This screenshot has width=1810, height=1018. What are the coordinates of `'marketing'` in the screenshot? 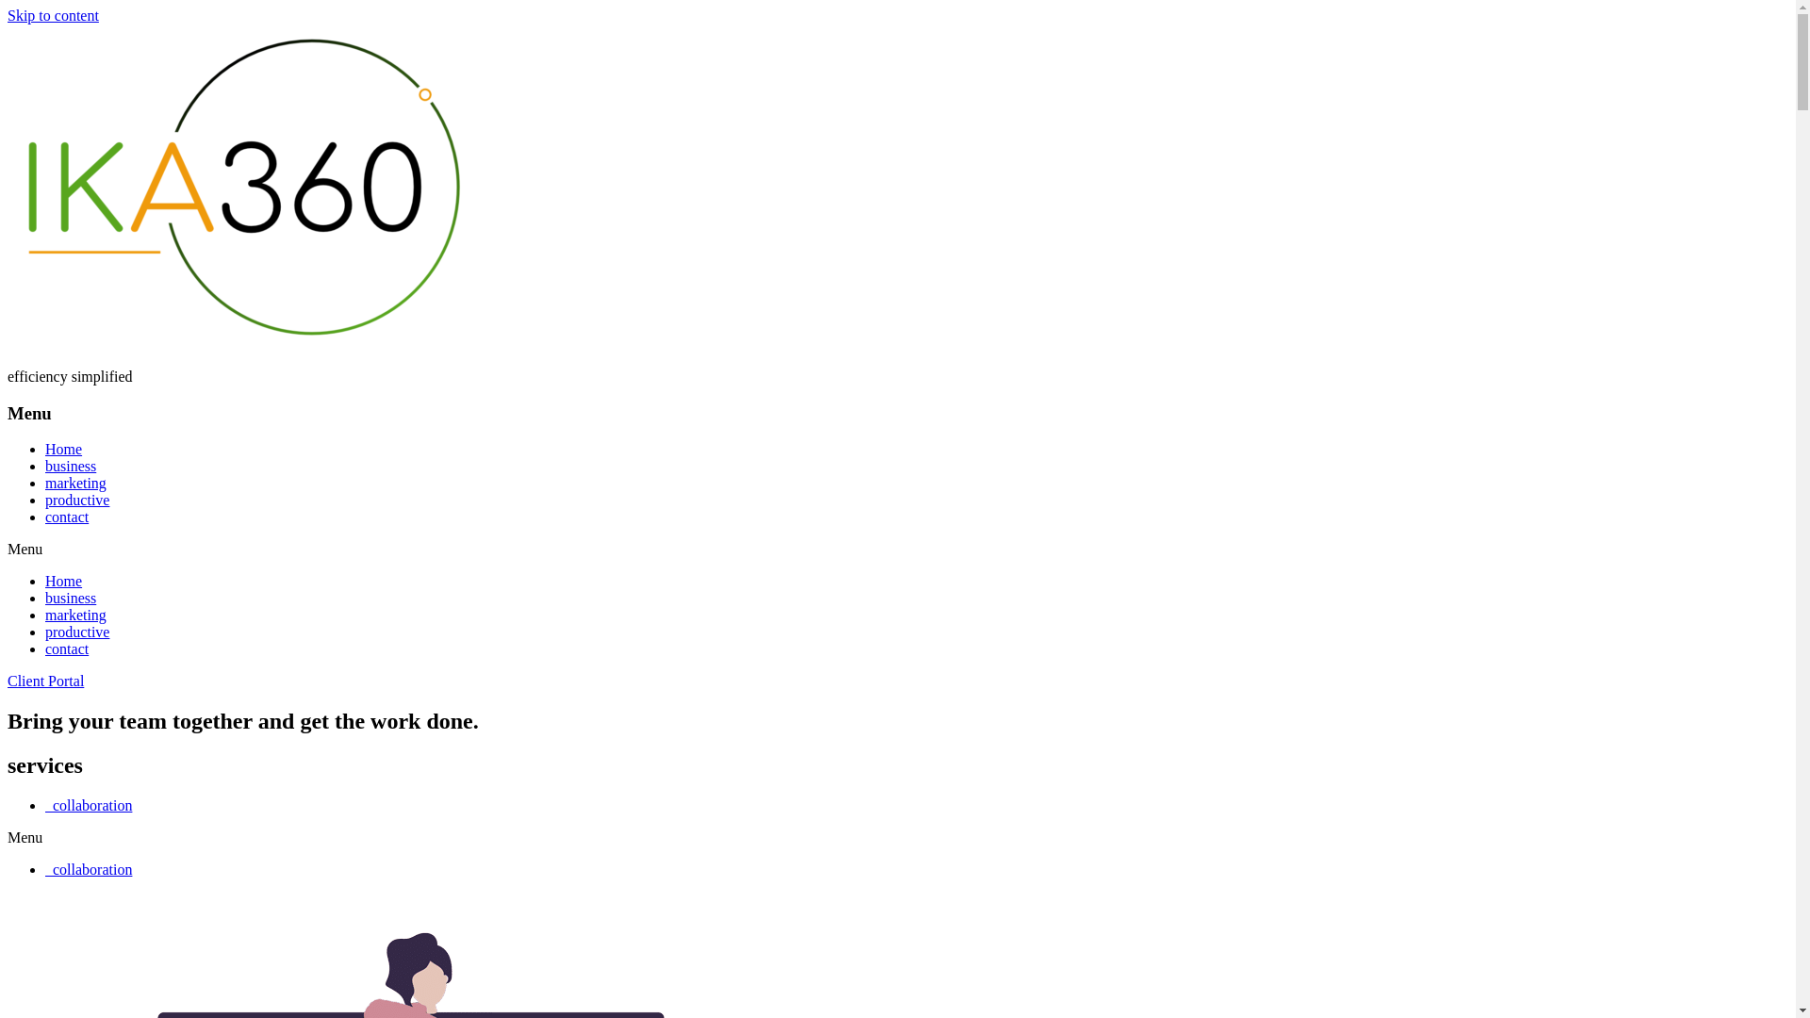 It's located at (75, 615).